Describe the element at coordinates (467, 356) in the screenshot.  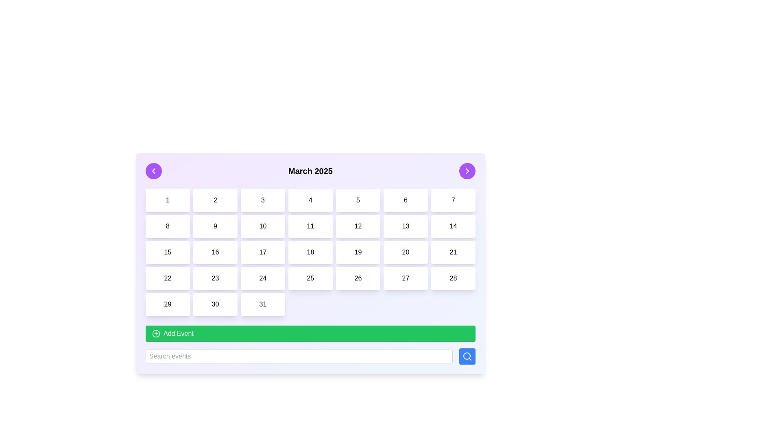
I see `the rounded square blue button with a white magnifying glass icon` at that location.